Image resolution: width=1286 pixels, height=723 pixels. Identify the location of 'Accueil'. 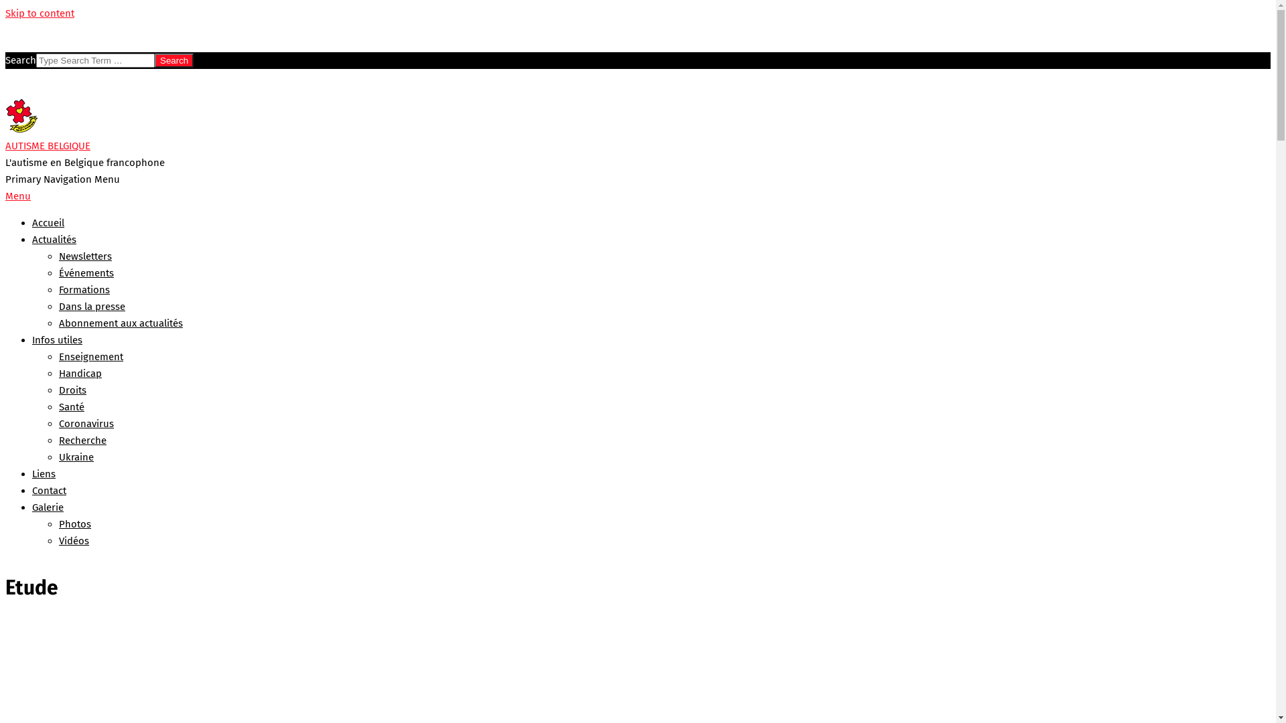
(48, 222).